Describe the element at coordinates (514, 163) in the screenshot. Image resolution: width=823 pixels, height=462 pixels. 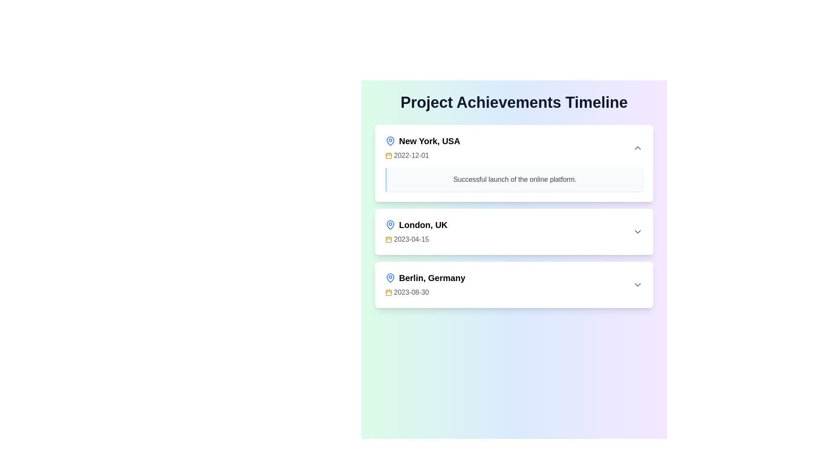
I see `the first Event card in the vertical timeline list` at that location.